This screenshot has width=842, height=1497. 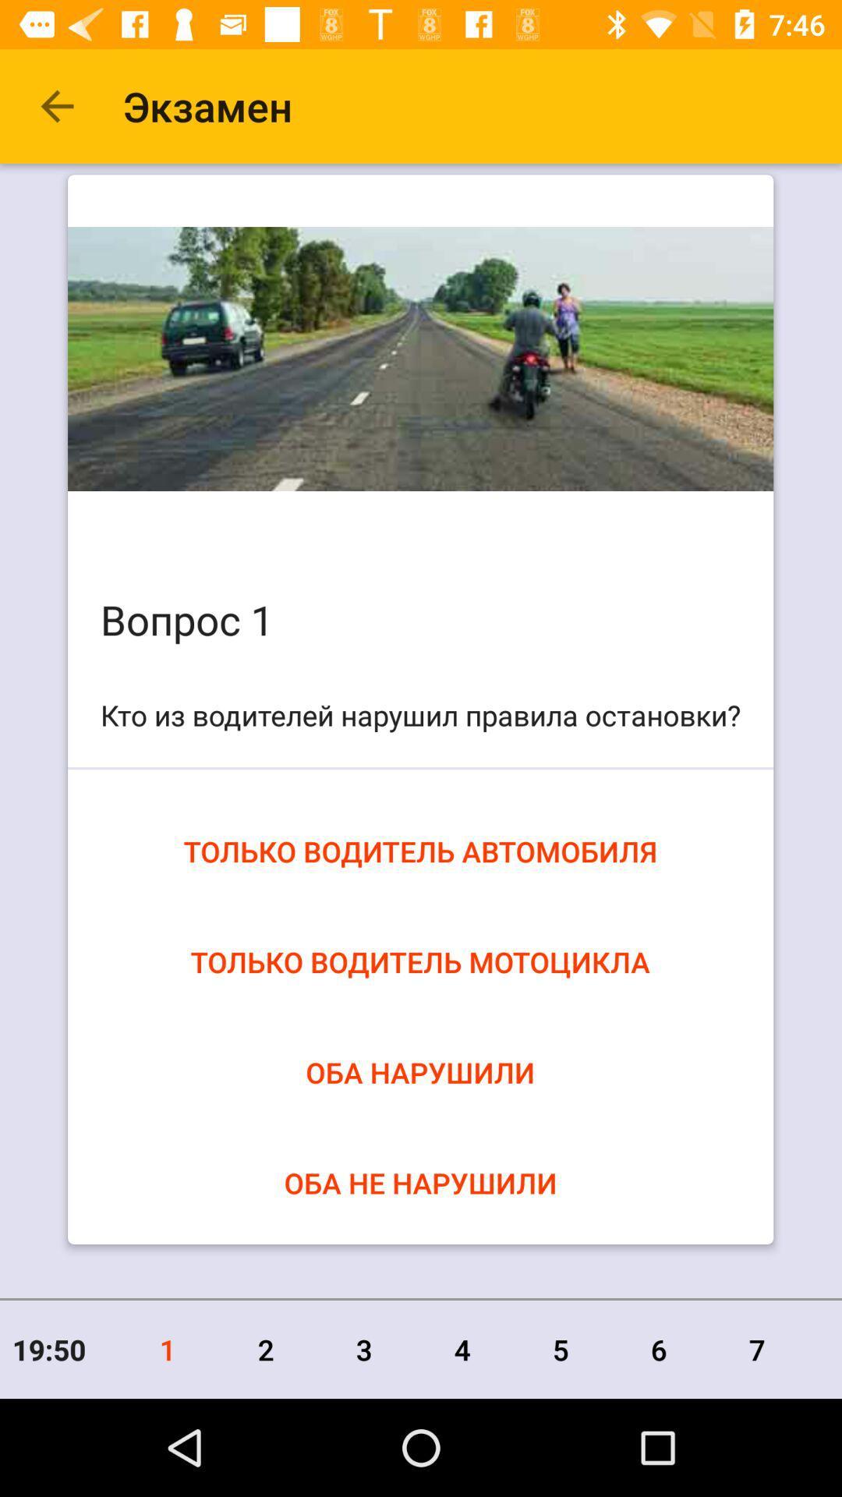 I want to click on the icon next to 5 icon, so click(x=659, y=1349).